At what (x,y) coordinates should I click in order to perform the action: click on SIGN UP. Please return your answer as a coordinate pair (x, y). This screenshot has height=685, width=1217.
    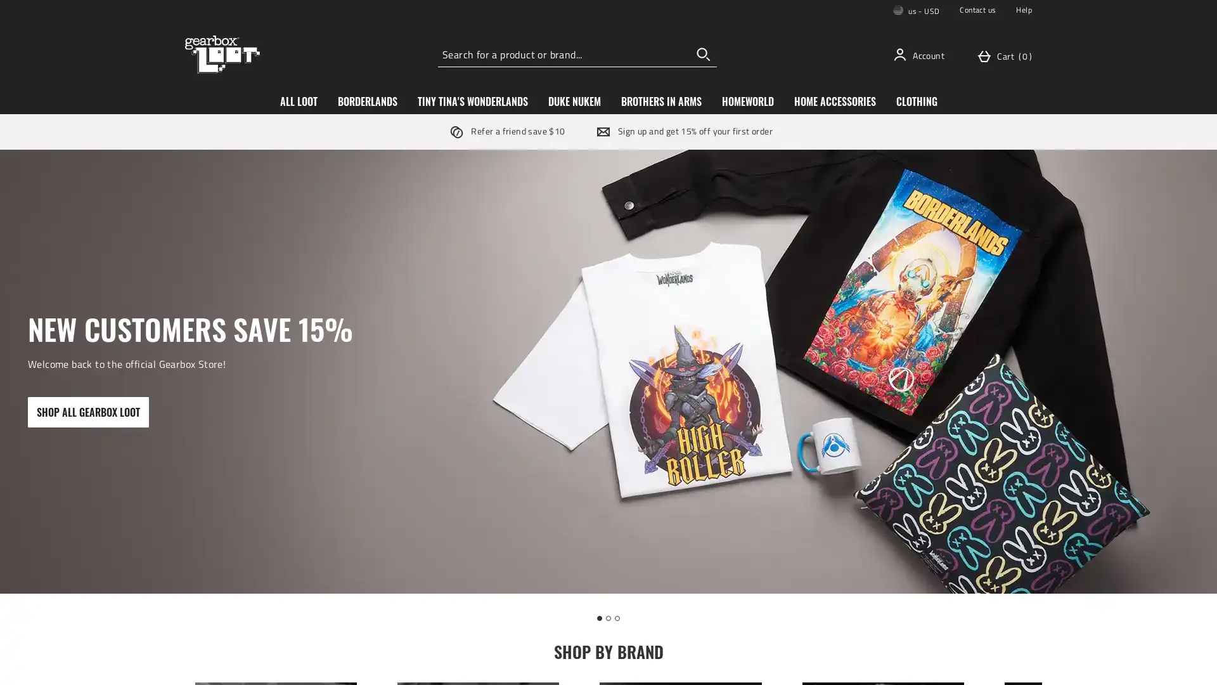
    Looking at the image, I should click on (702, 395).